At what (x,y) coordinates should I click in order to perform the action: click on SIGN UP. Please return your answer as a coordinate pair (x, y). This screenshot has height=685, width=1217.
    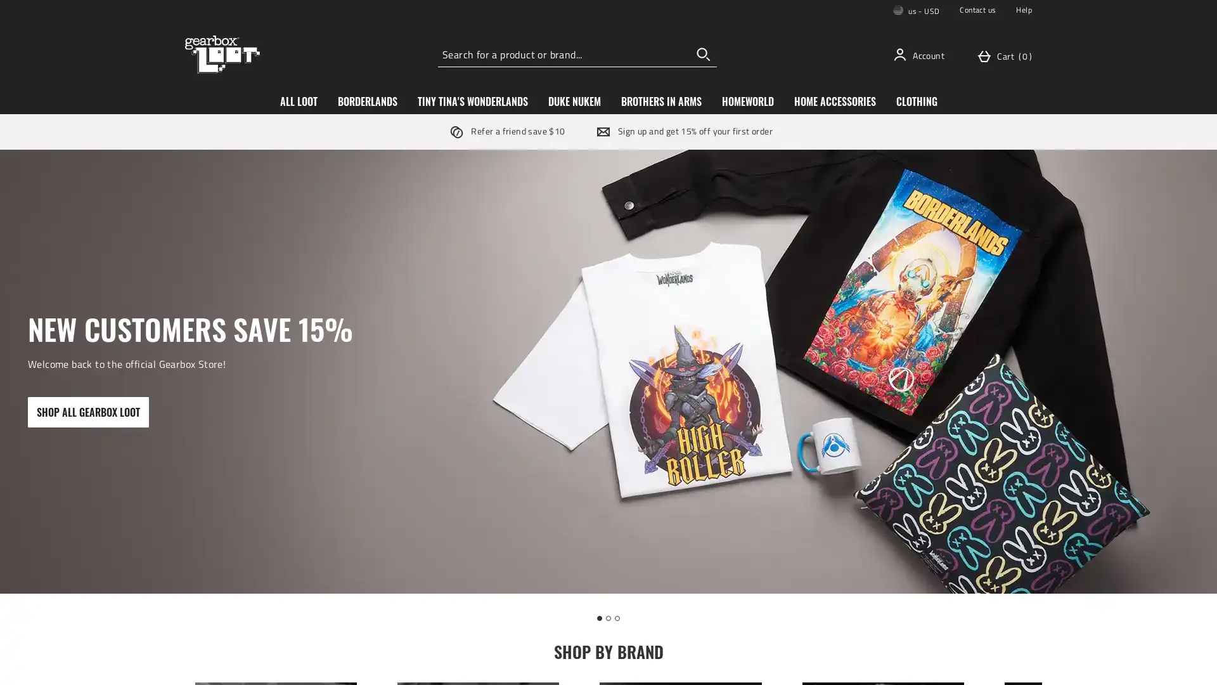
    Looking at the image, I should click on (702, 395).